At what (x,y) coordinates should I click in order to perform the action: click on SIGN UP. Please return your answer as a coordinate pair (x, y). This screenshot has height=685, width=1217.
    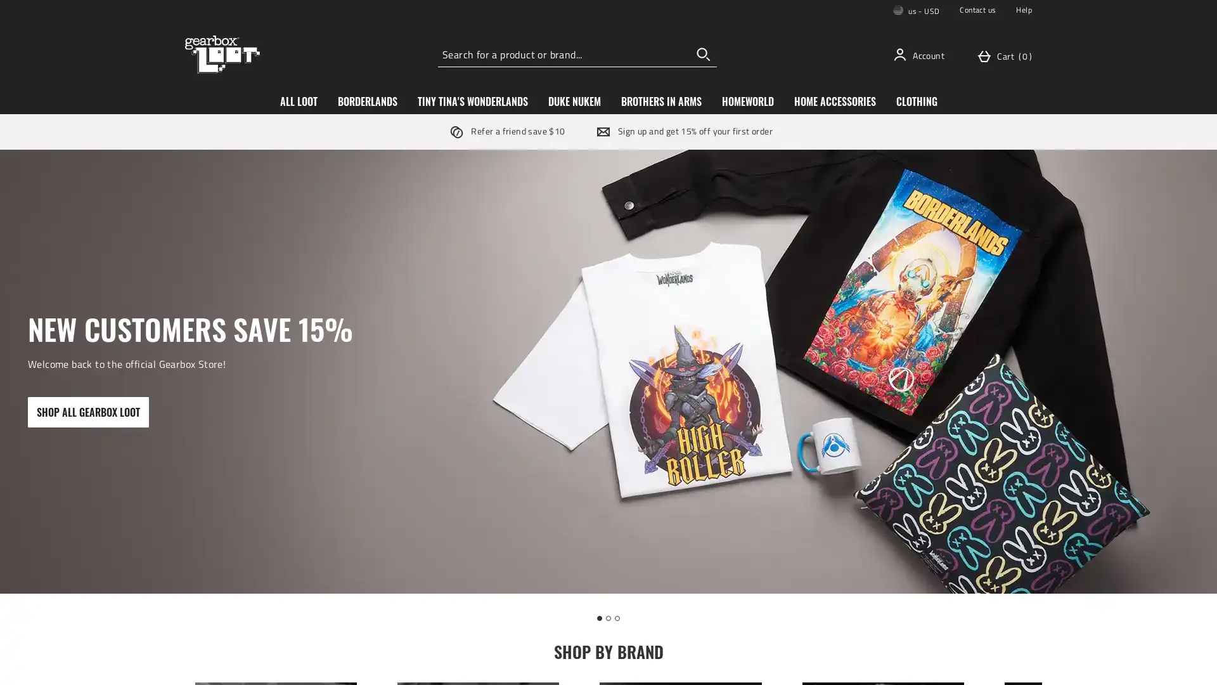
    Looking at the image, I should click on (702, 395).